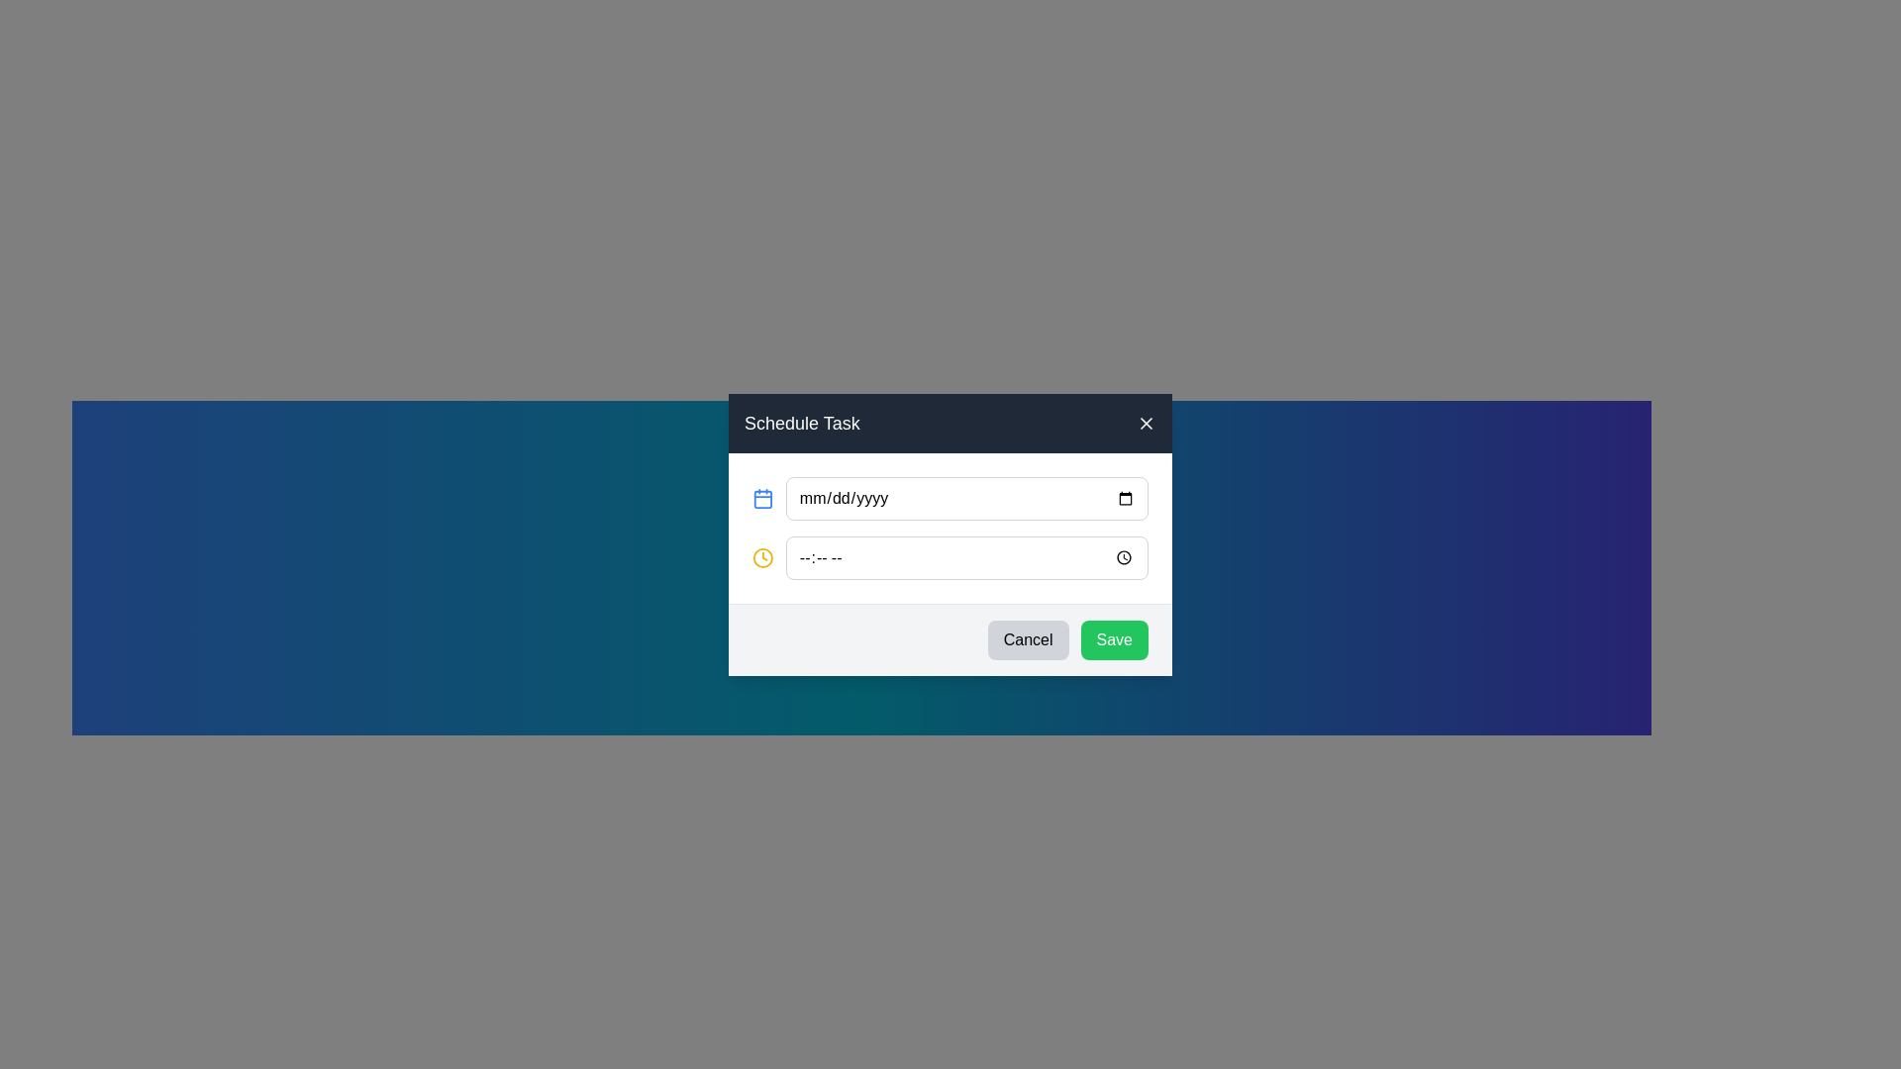  I want to click on a time from the time picker in the centered scheduling dialog that allows users to schedule a task, so click(950, 534).